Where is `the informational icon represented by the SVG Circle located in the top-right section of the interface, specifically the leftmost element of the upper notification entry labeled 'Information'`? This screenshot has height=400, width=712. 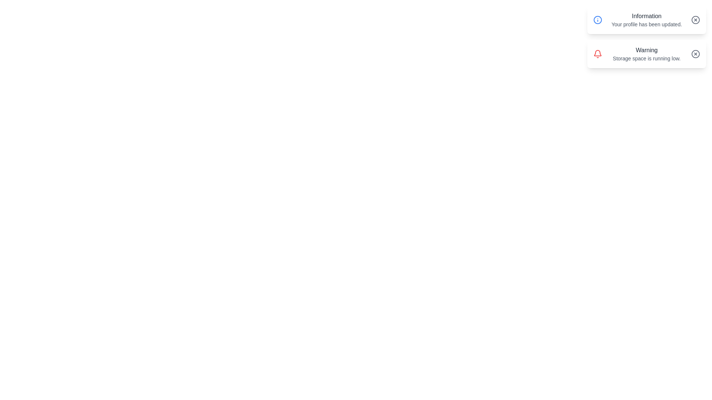
the informational icon represented by the SVG Circle located in the top-right section of the interface, specifically the leftmost element of the upper notification entry labeled 'Information' is located at coordinates (598, 20).